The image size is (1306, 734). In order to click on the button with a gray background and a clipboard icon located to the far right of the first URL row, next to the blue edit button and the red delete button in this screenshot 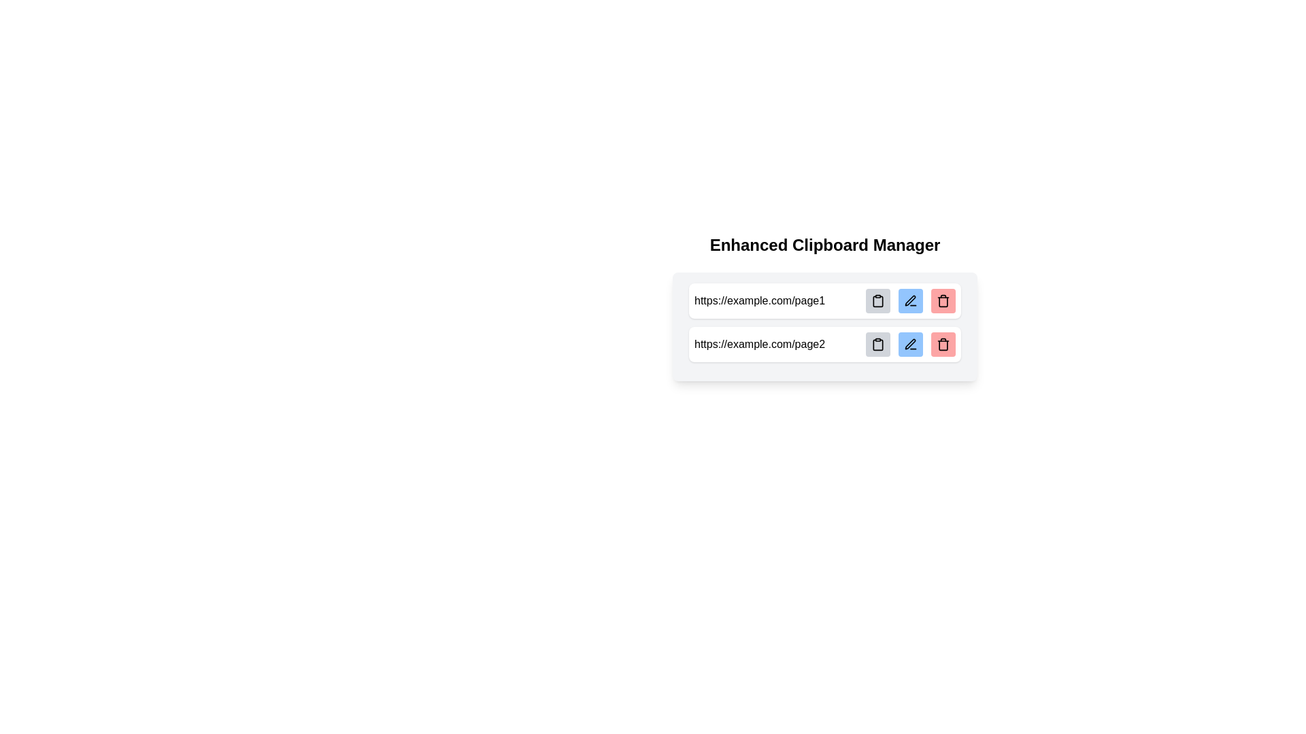, I will do `click(878, 300)`.